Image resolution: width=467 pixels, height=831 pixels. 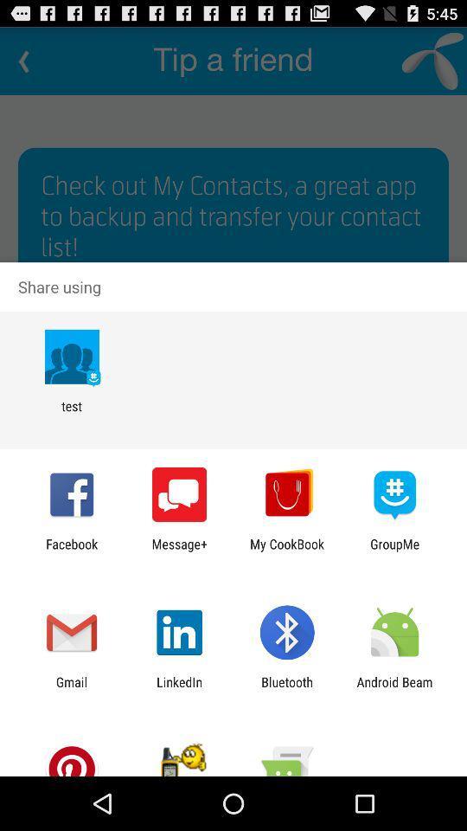 I want to click on the item next to bluetooth app, so click(x=178, y=689).